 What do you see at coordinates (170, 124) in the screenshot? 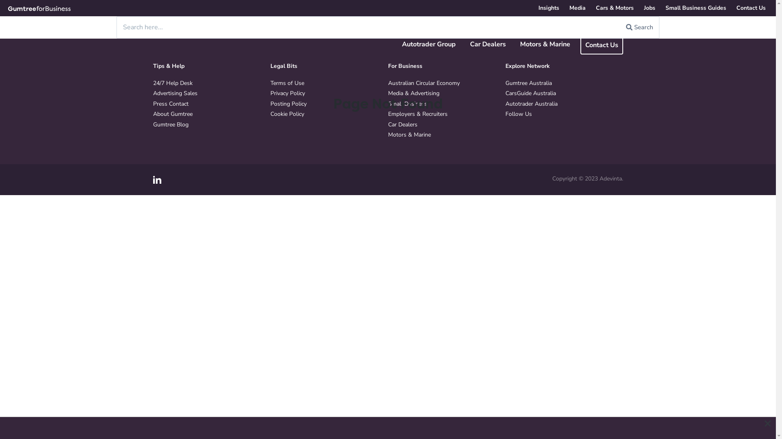
I see `'Gumtree Blog'` at bounding box center [170, 124].